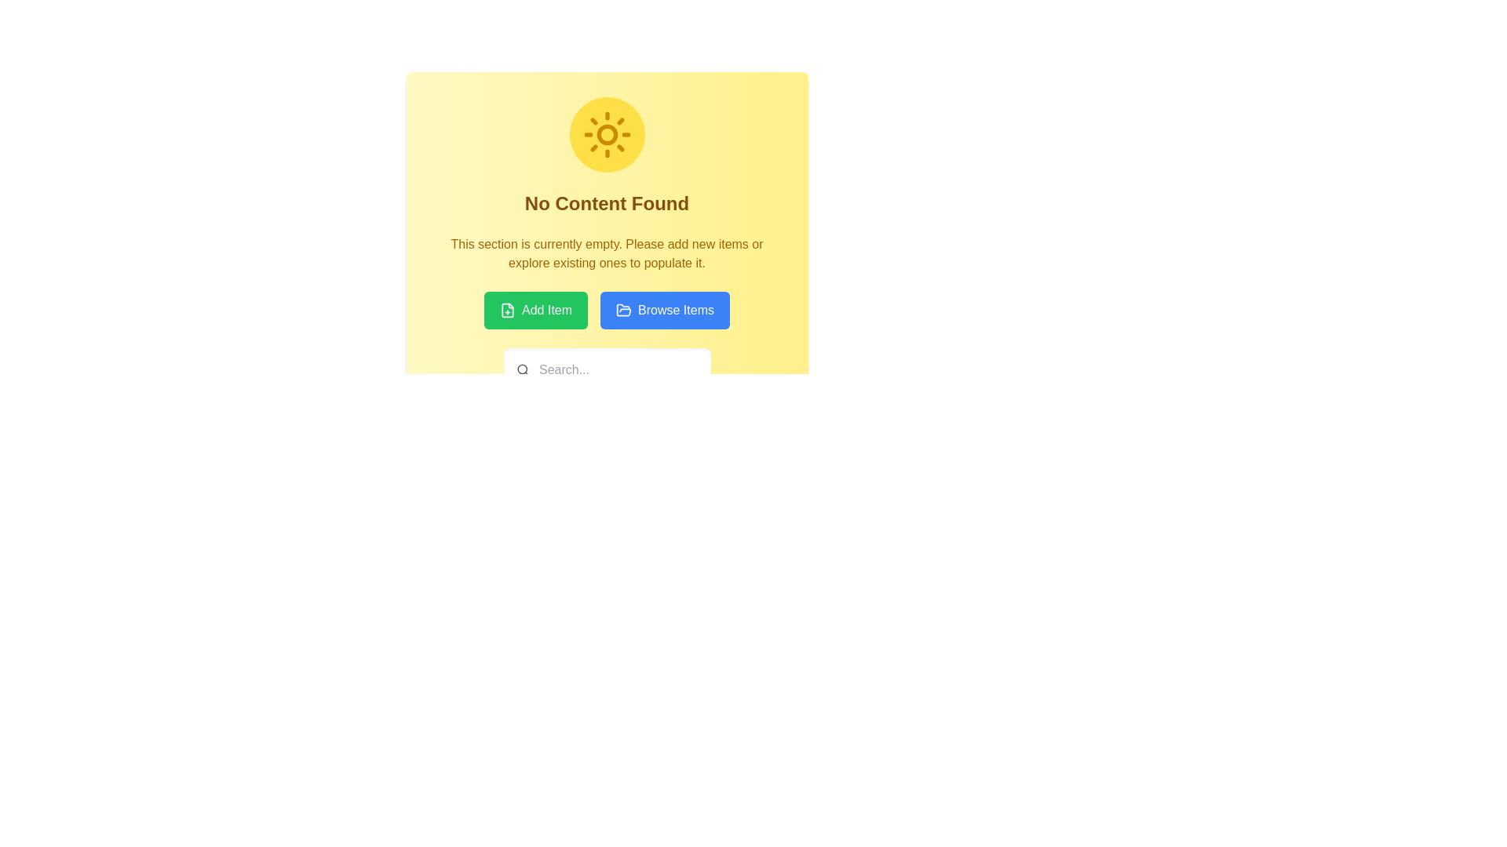 This screenshot has height=847, width=1507. What do you see at coordinates (508, 311) in the screenshot?
I see `the 'Add Item' button, which is visually indicated by the SVG-based icon to the left of the button text` at bounding box center [508, 311].